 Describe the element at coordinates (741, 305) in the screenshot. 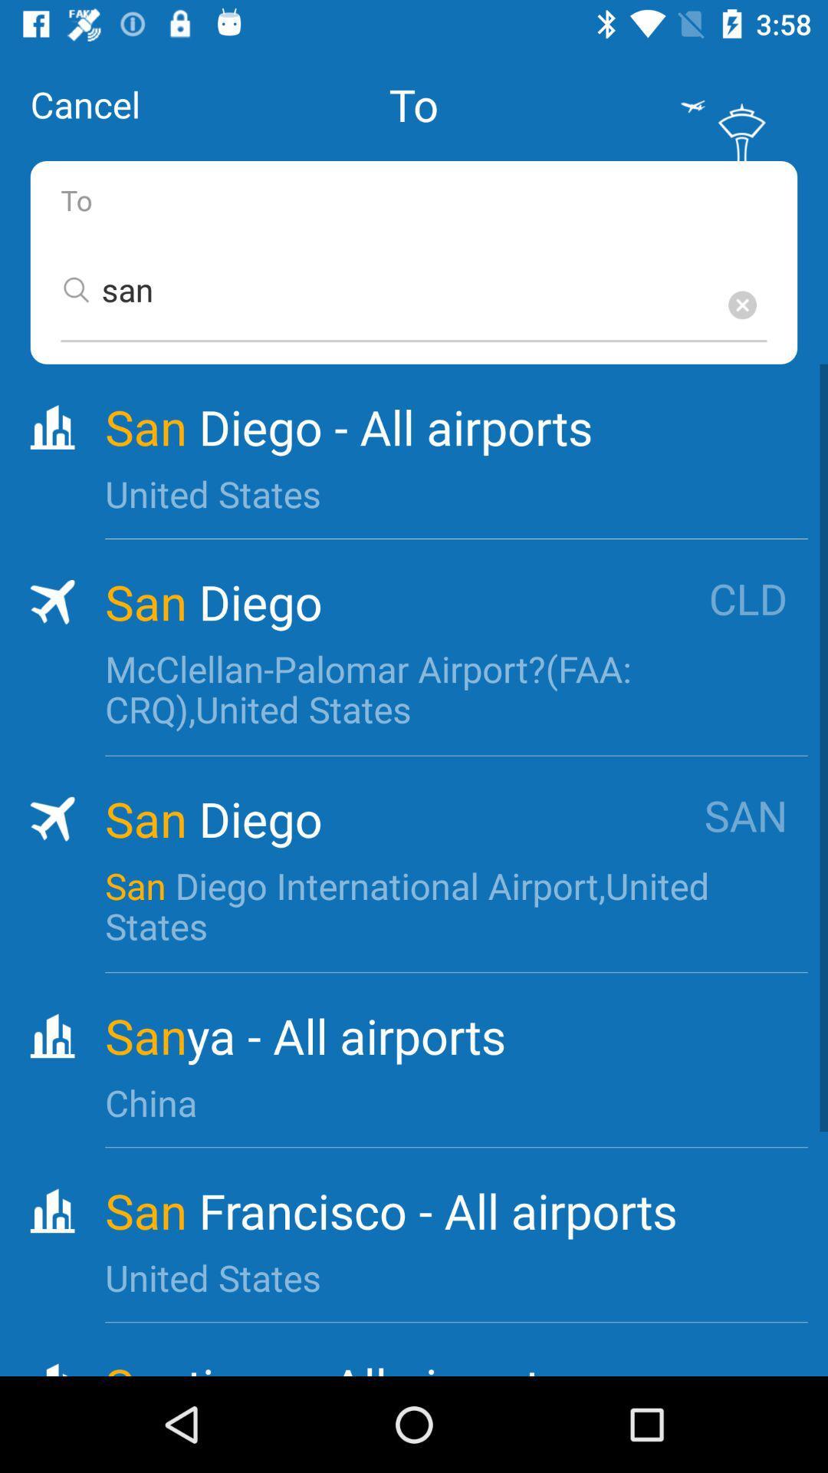

I see `the delete option` at that location.